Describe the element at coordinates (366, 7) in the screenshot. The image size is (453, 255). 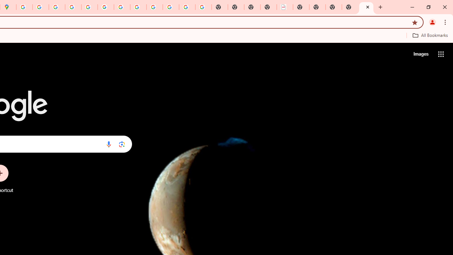
I see `'New Tab'` at that location.